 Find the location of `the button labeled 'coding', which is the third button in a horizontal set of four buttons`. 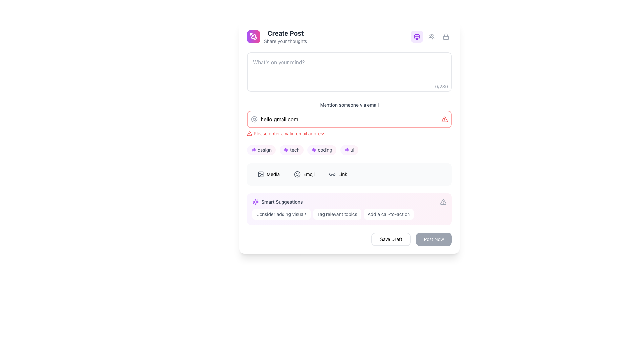

the button labeled 'coding', which is the third button in a horizontal set of four buttons is located at coordinates (322, 150).